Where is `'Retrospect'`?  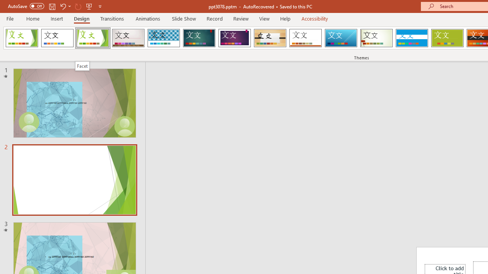
'Retrospect' is located at coordinates (305, 38).